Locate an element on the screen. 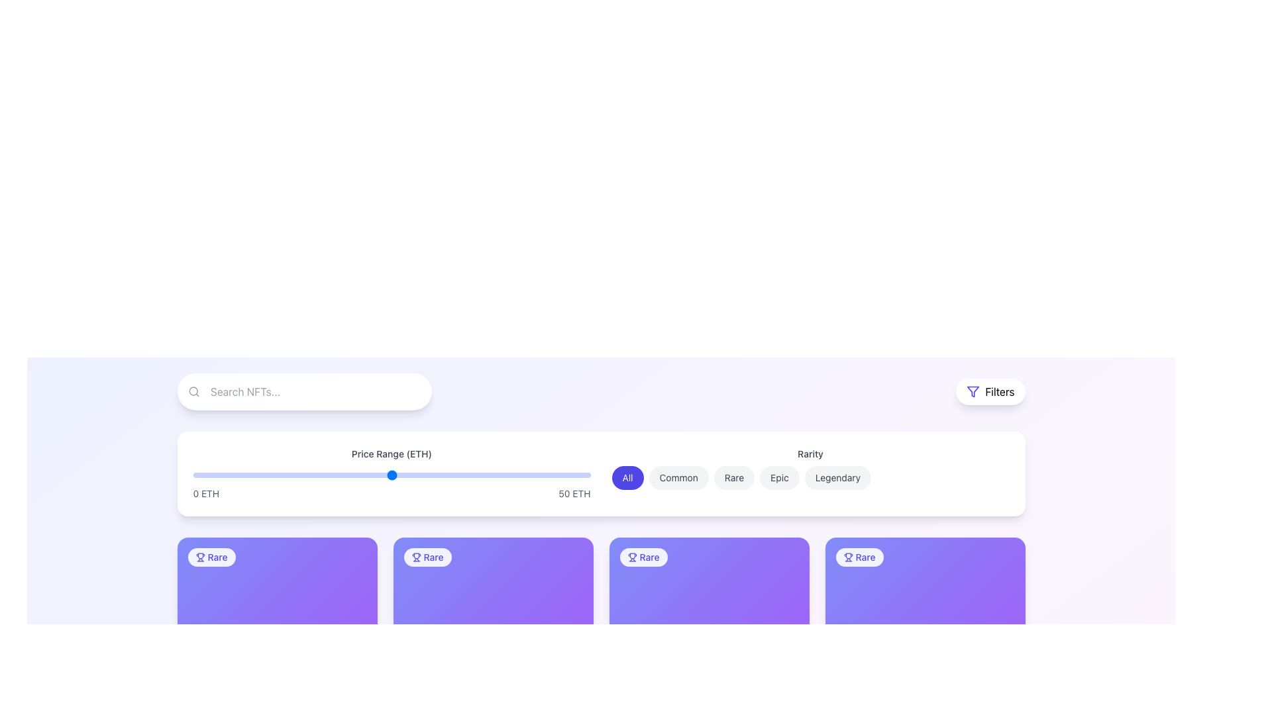 Image resolution: width=1272 pixels, height=715 pixels. the slider value is located at coordinates (494, 474).